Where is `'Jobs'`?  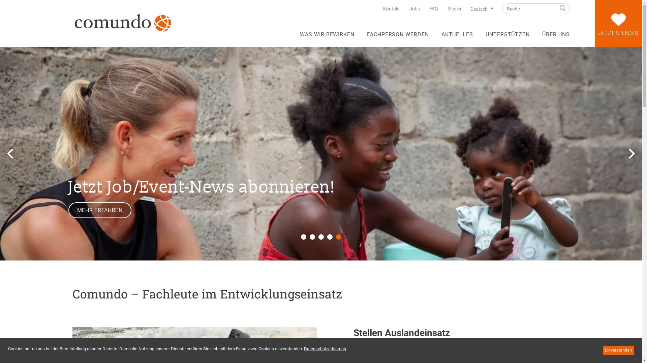
'Jobs' is located at coordinates (414, 9).